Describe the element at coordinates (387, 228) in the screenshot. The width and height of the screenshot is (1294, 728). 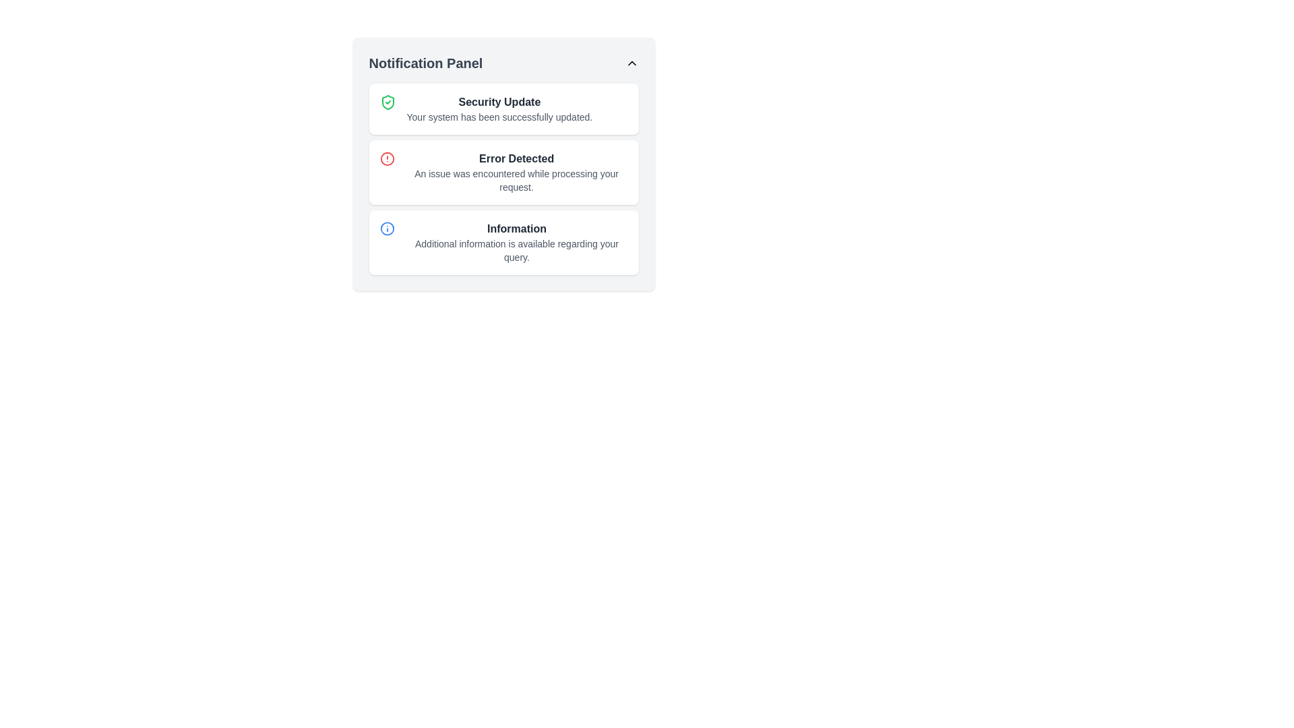
I see `the 'Information' icon in the Notification Panel` at that location.